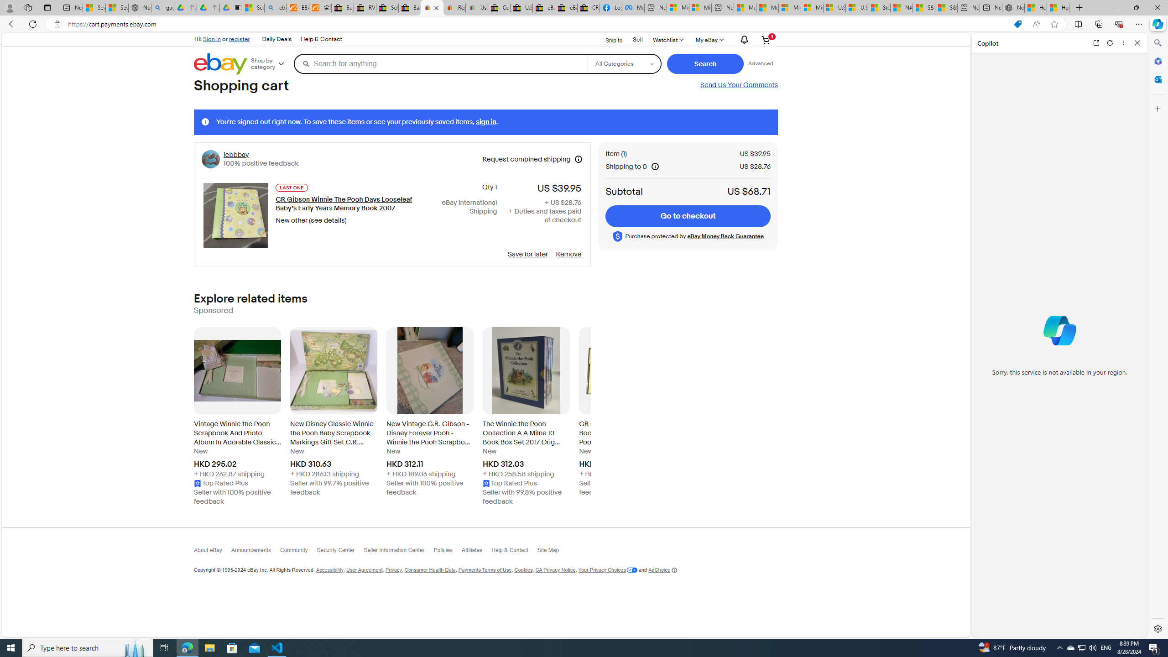 This screenshot has width=1168, height=657. What do you see at coordinates (742, 40) in the screenshot?
I see `'AutomationID: gh-eb-Alerts'` at bounding box center [742, 40].